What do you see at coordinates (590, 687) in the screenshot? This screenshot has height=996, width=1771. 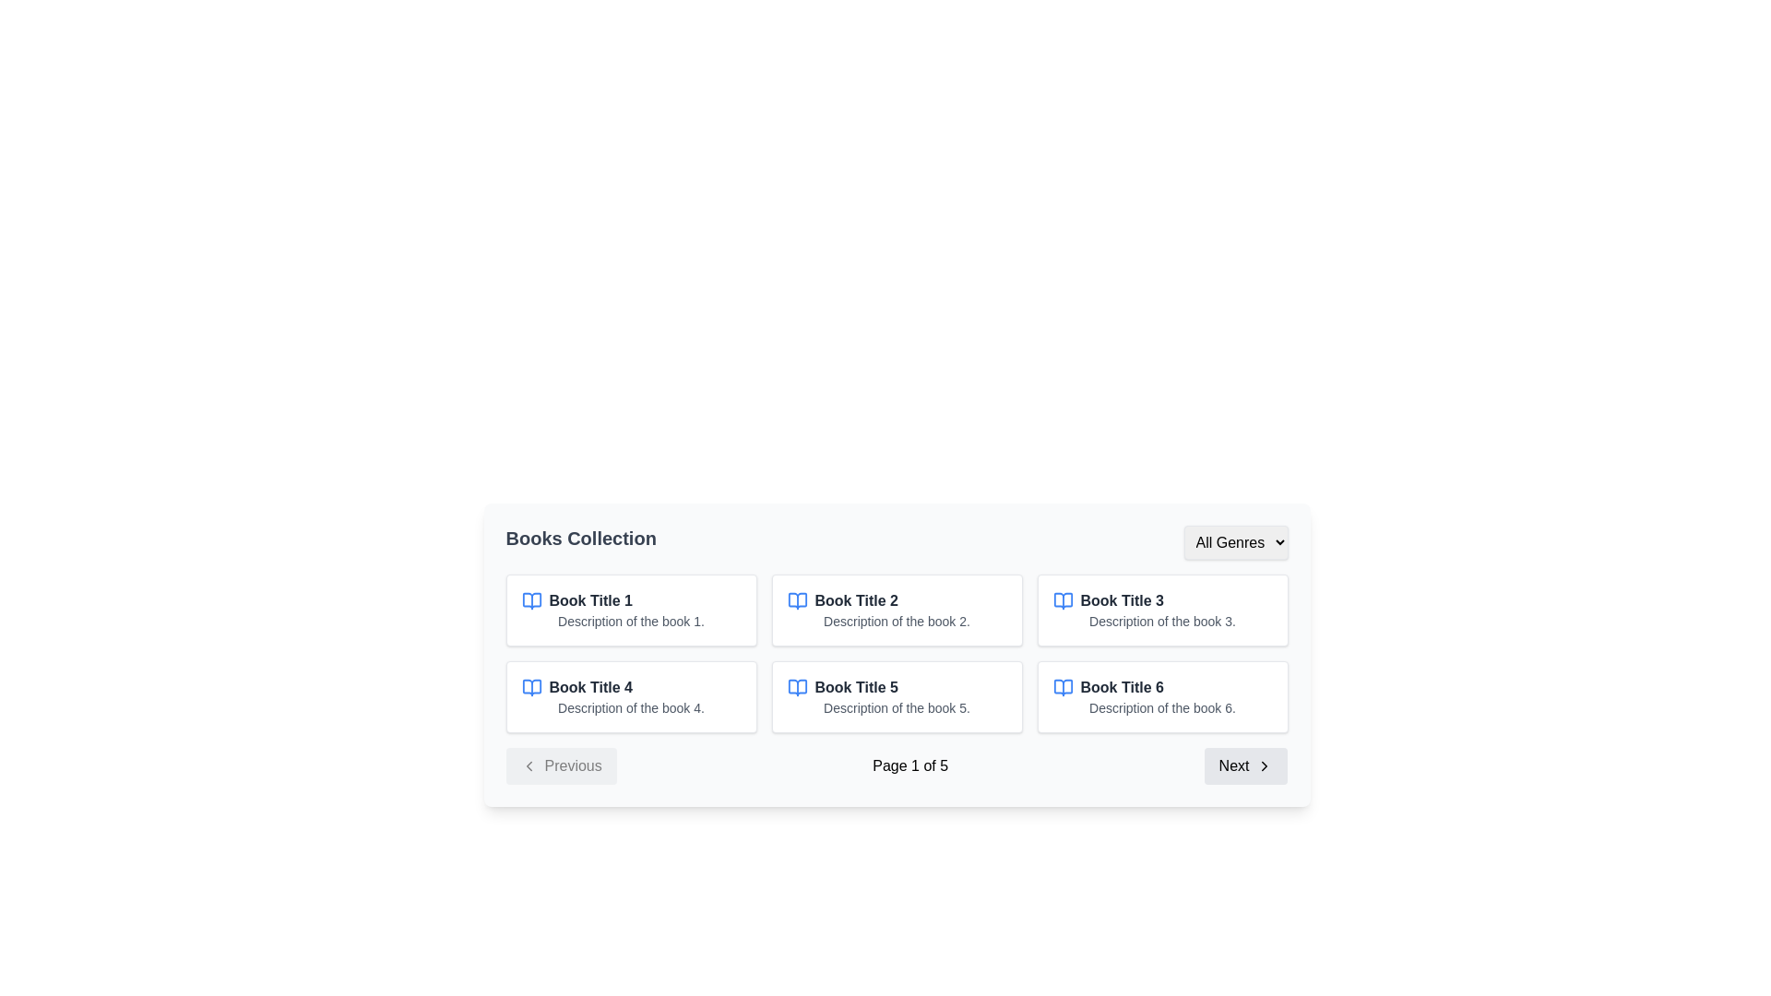 I see `the text label displaying 'Book Title 4' in bold dark gray, positioned in the bottom-left grid cell of the Books Collection section, next to a blue book icon` at bounding box center [590, 687].